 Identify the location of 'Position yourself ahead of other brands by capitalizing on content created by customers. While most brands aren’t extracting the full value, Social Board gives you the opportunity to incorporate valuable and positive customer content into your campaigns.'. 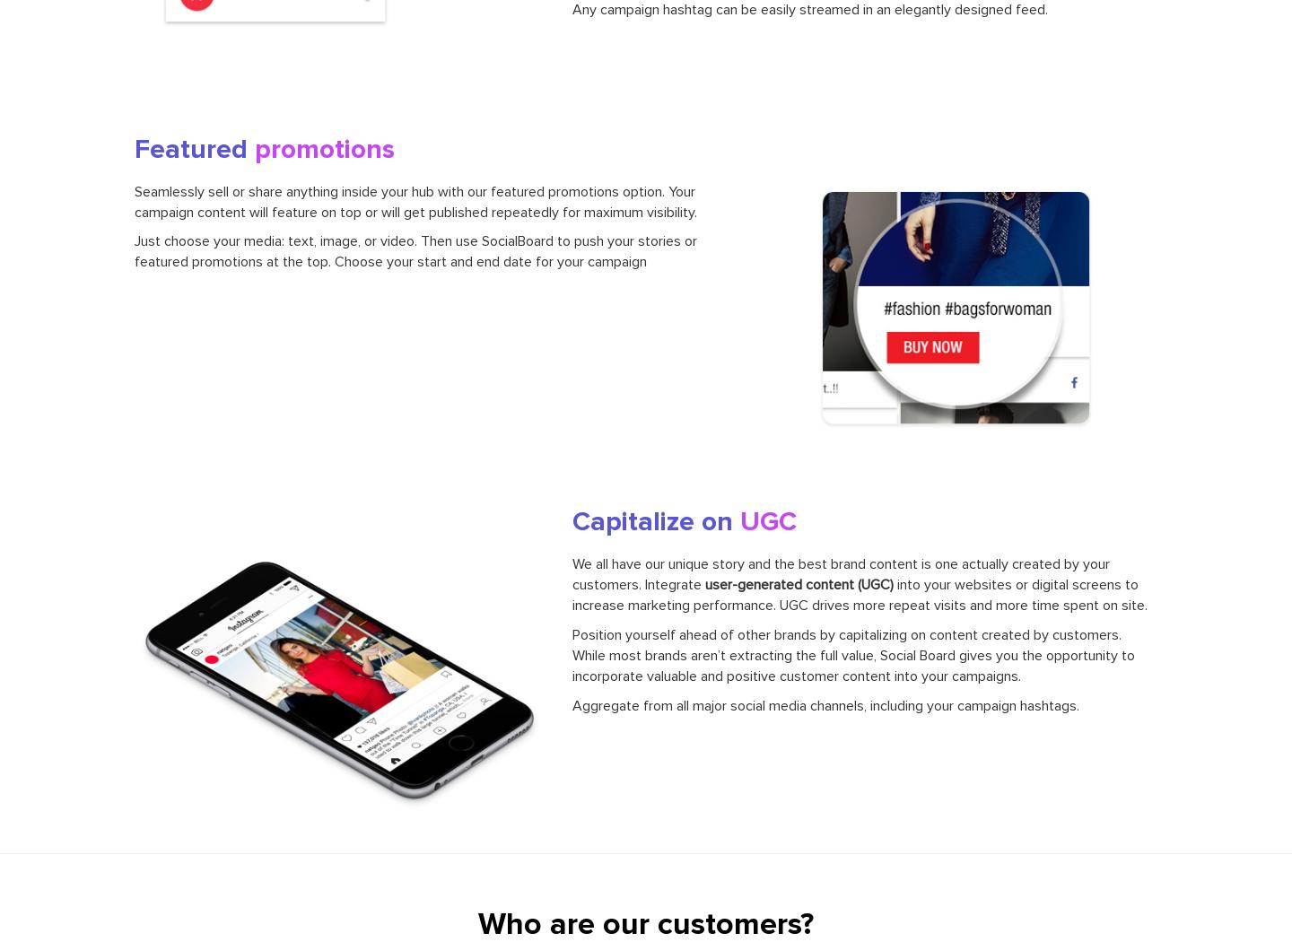
(852, 654).